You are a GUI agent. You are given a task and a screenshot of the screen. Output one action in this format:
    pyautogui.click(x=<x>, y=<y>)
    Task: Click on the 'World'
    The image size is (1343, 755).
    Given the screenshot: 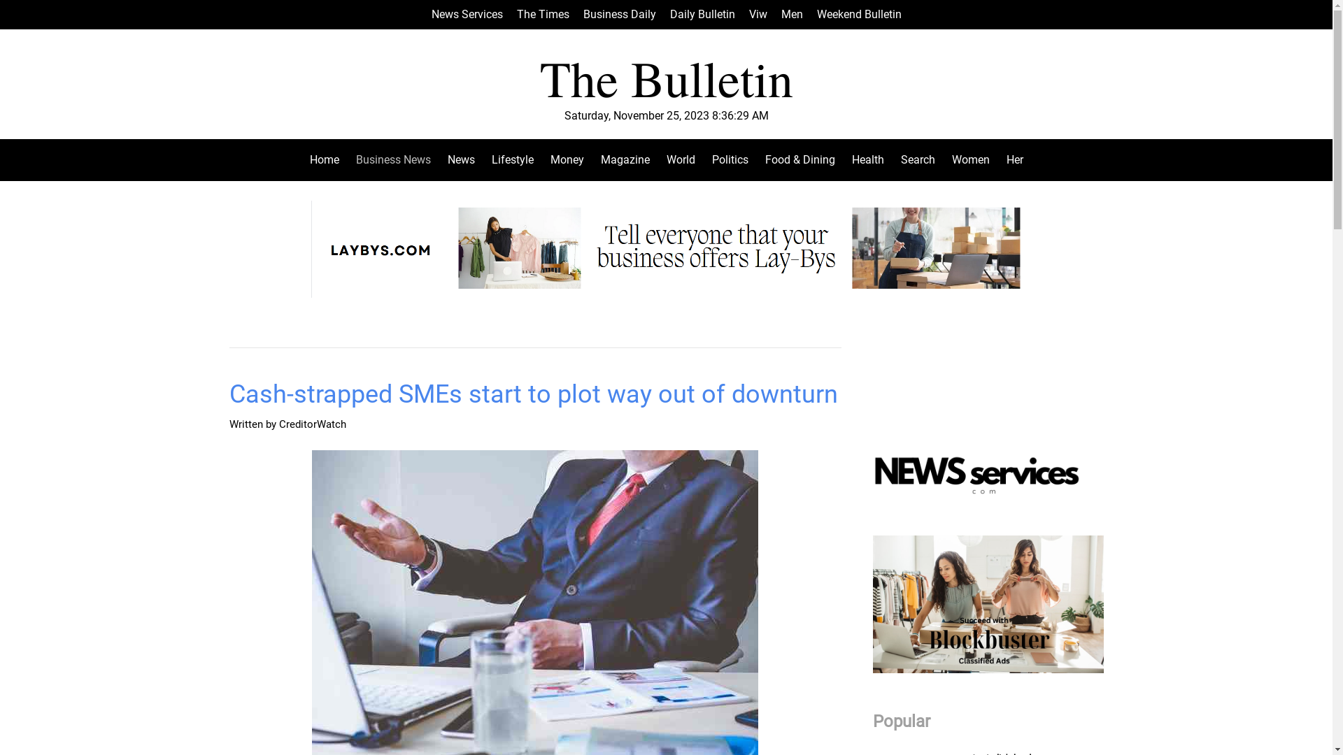 What is the action you would take?
    pyautogui.click(x=680, y=159)
    